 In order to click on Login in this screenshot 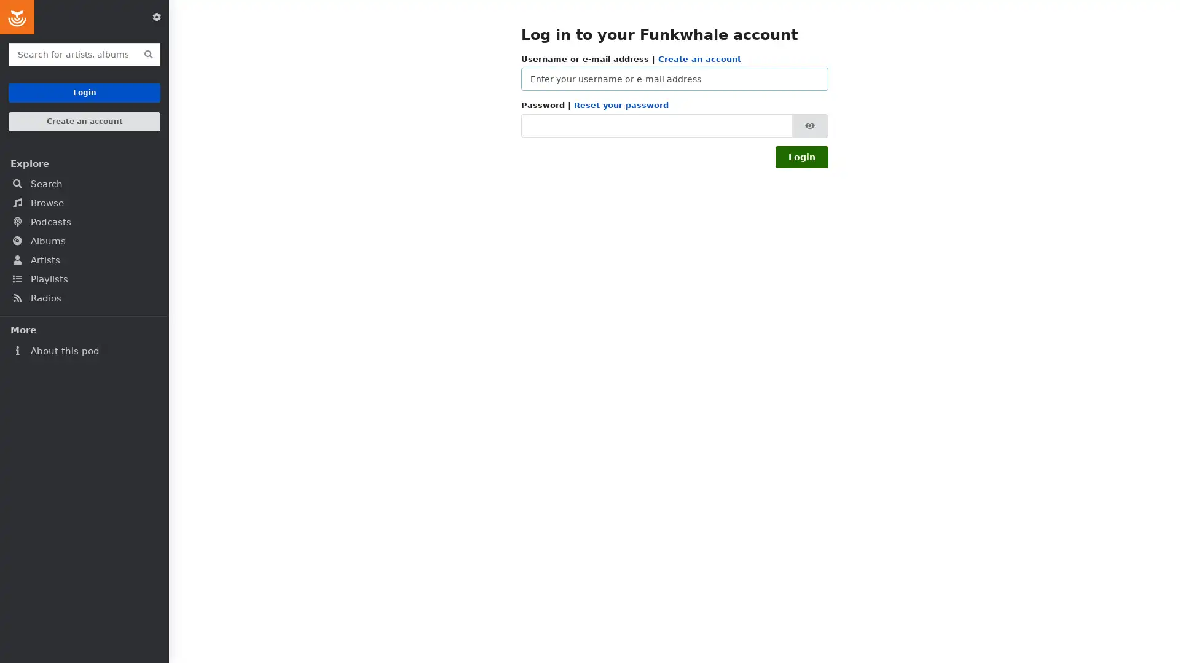, I will do `click(801, 155)`.